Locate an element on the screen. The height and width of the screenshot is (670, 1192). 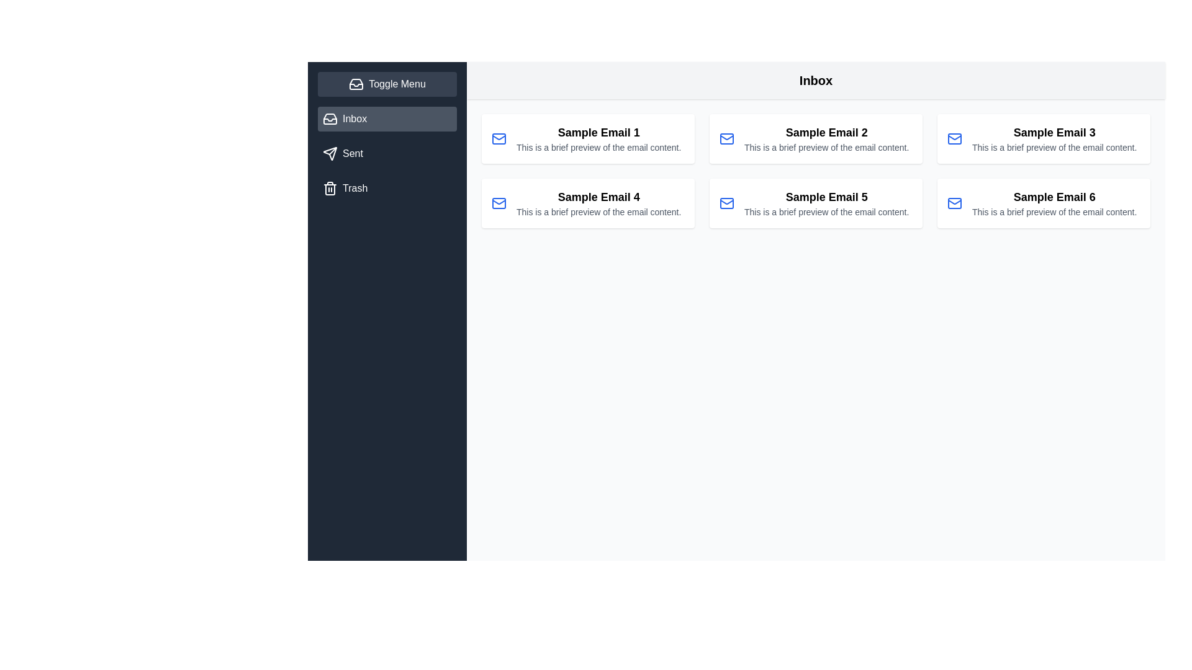
the email preview text block located in the second position of the grid under the 'Inbox' section is located at coordinates (826, 138).